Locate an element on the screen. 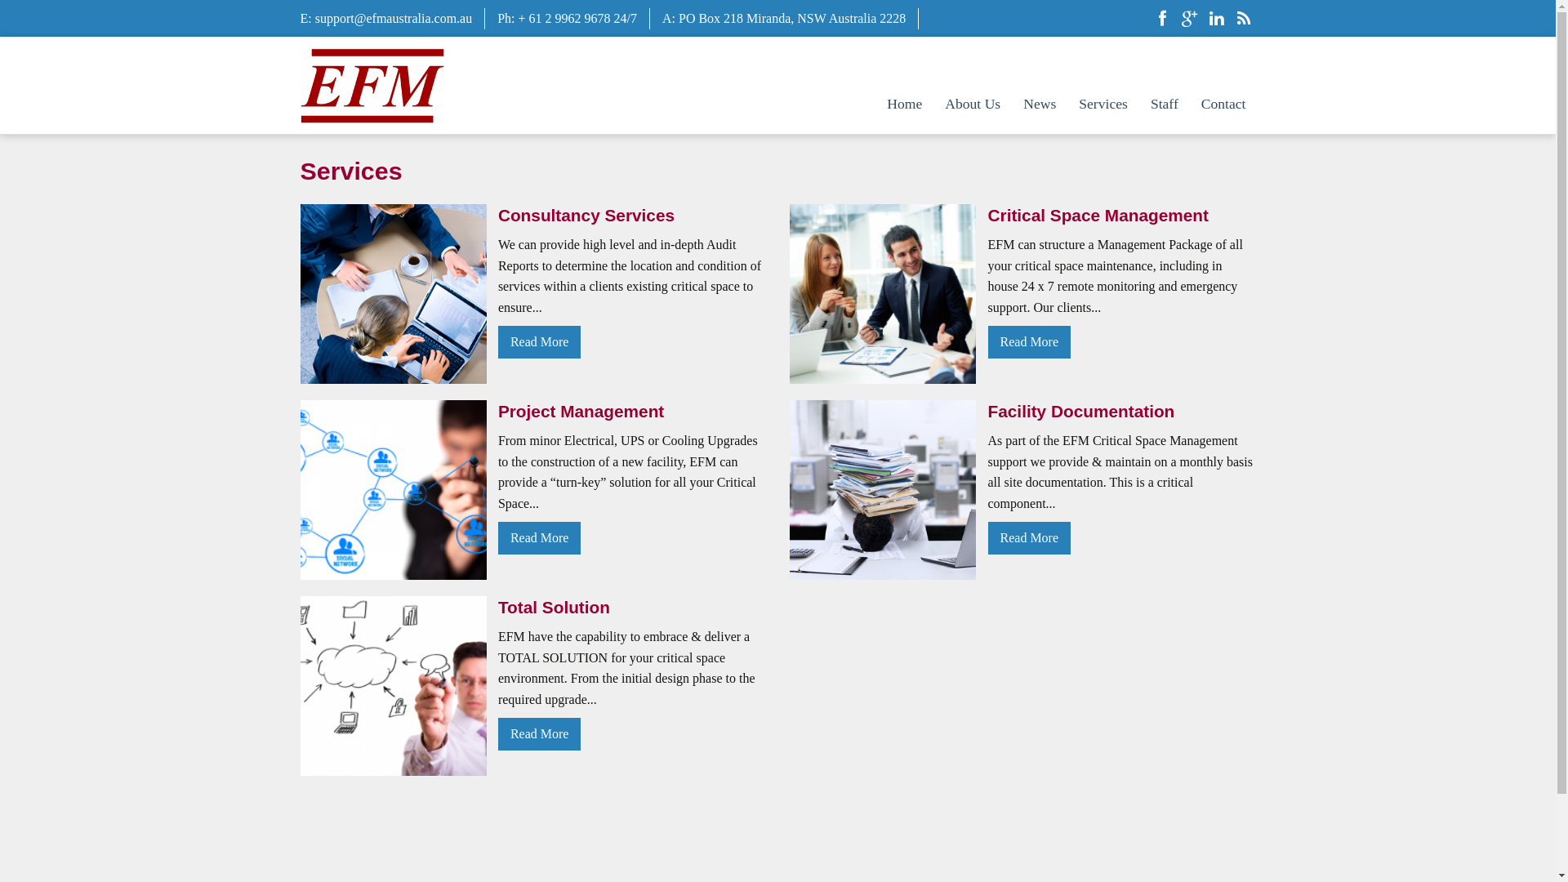 The height and width of the screenshot is (882, 1568). 'About Us' is located at coordinates (935, 104).